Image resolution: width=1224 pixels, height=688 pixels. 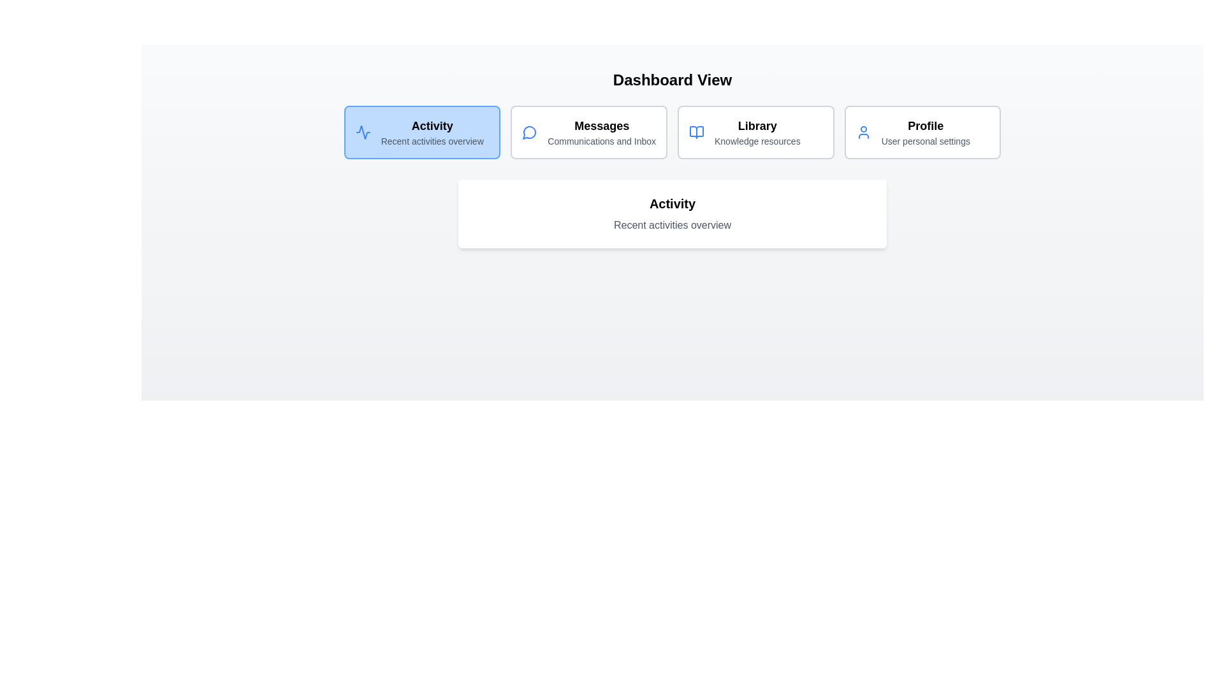 I want to click on the tab corresponding to Library, so click(x=755, y=133).